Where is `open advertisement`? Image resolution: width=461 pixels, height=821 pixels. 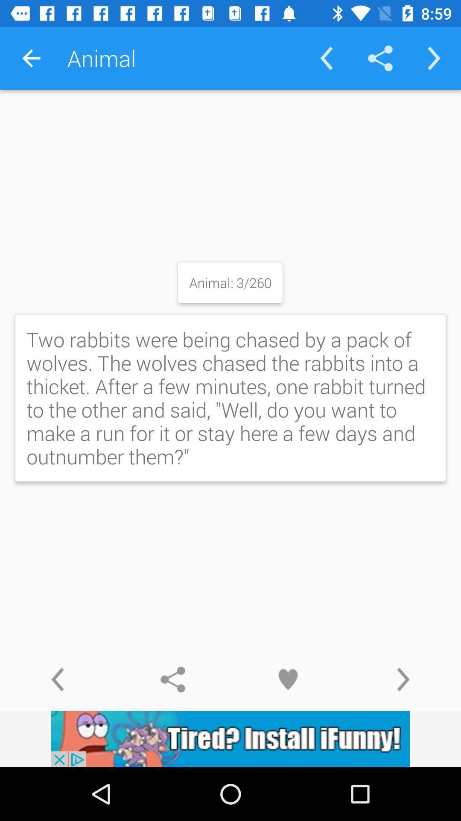 open advertisement is located at coordinates (230, 738).